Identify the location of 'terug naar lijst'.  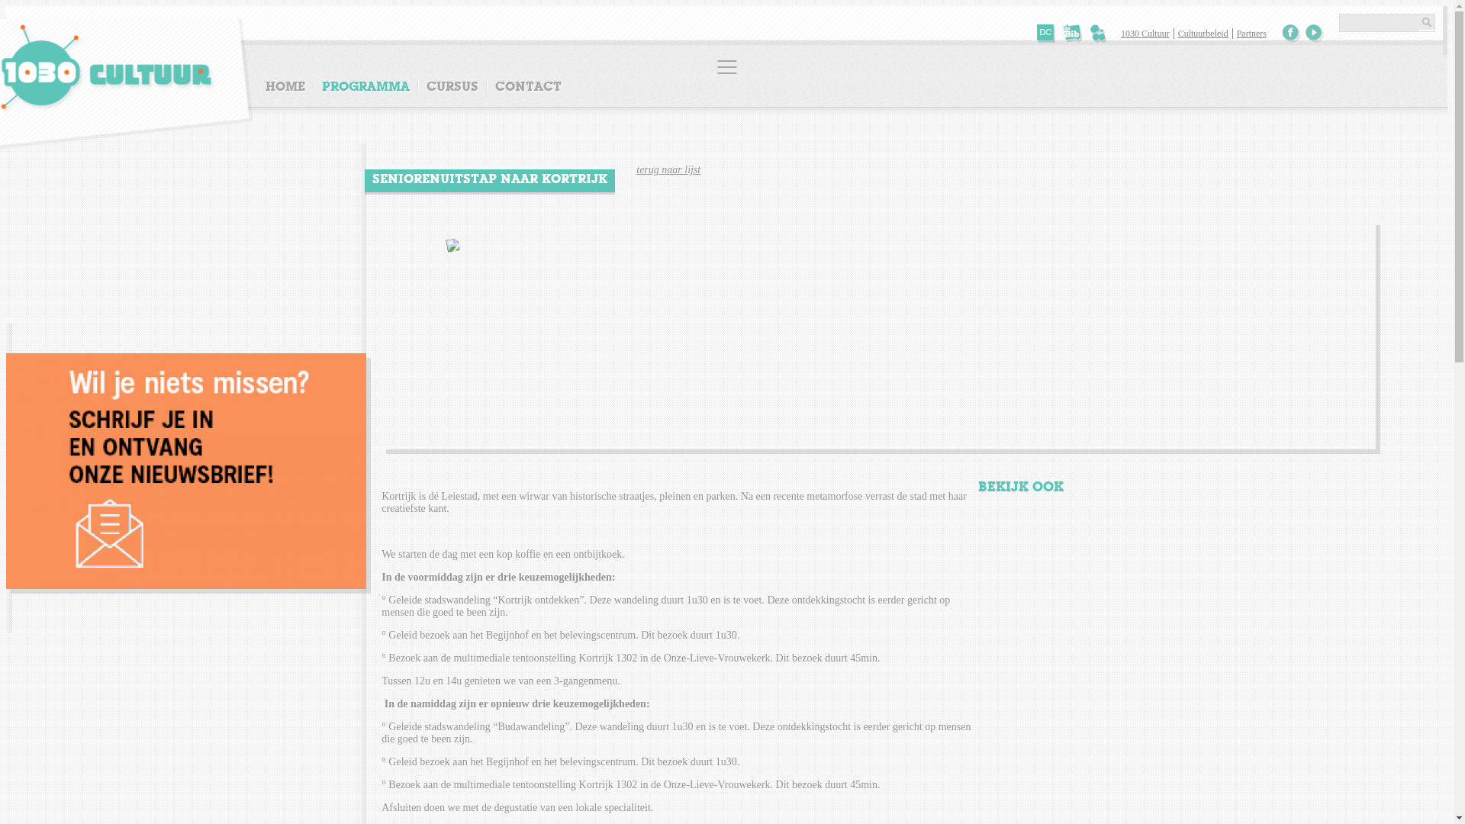
(668, 169).